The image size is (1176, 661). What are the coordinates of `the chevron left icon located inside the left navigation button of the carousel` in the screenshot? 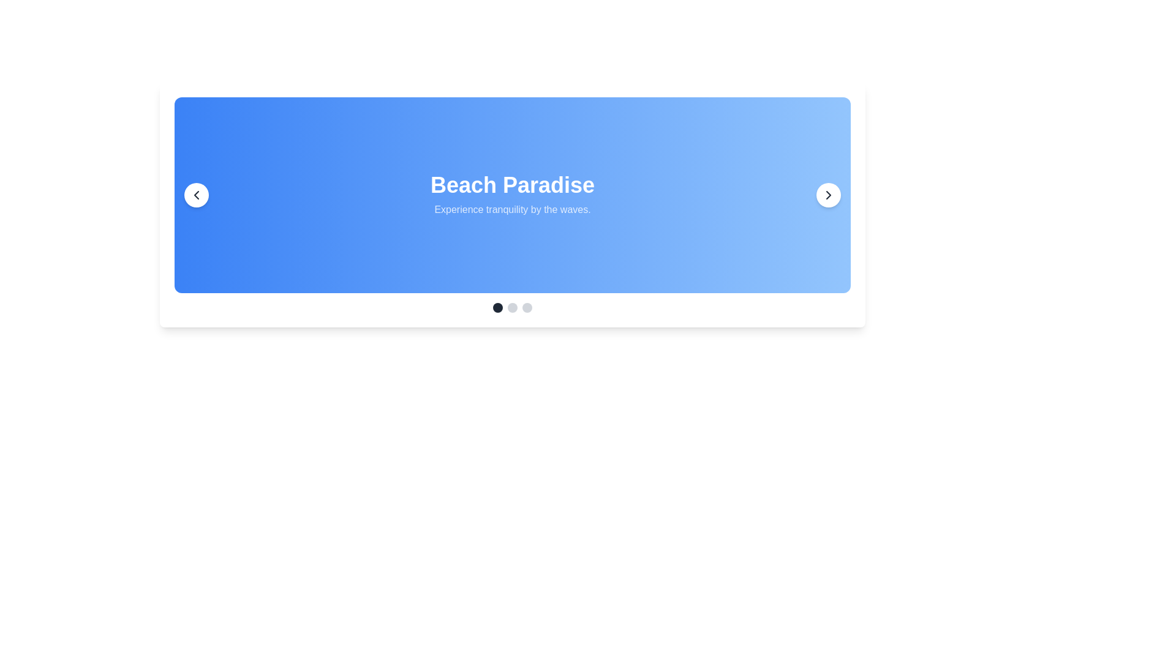 It's located at (197, 195).